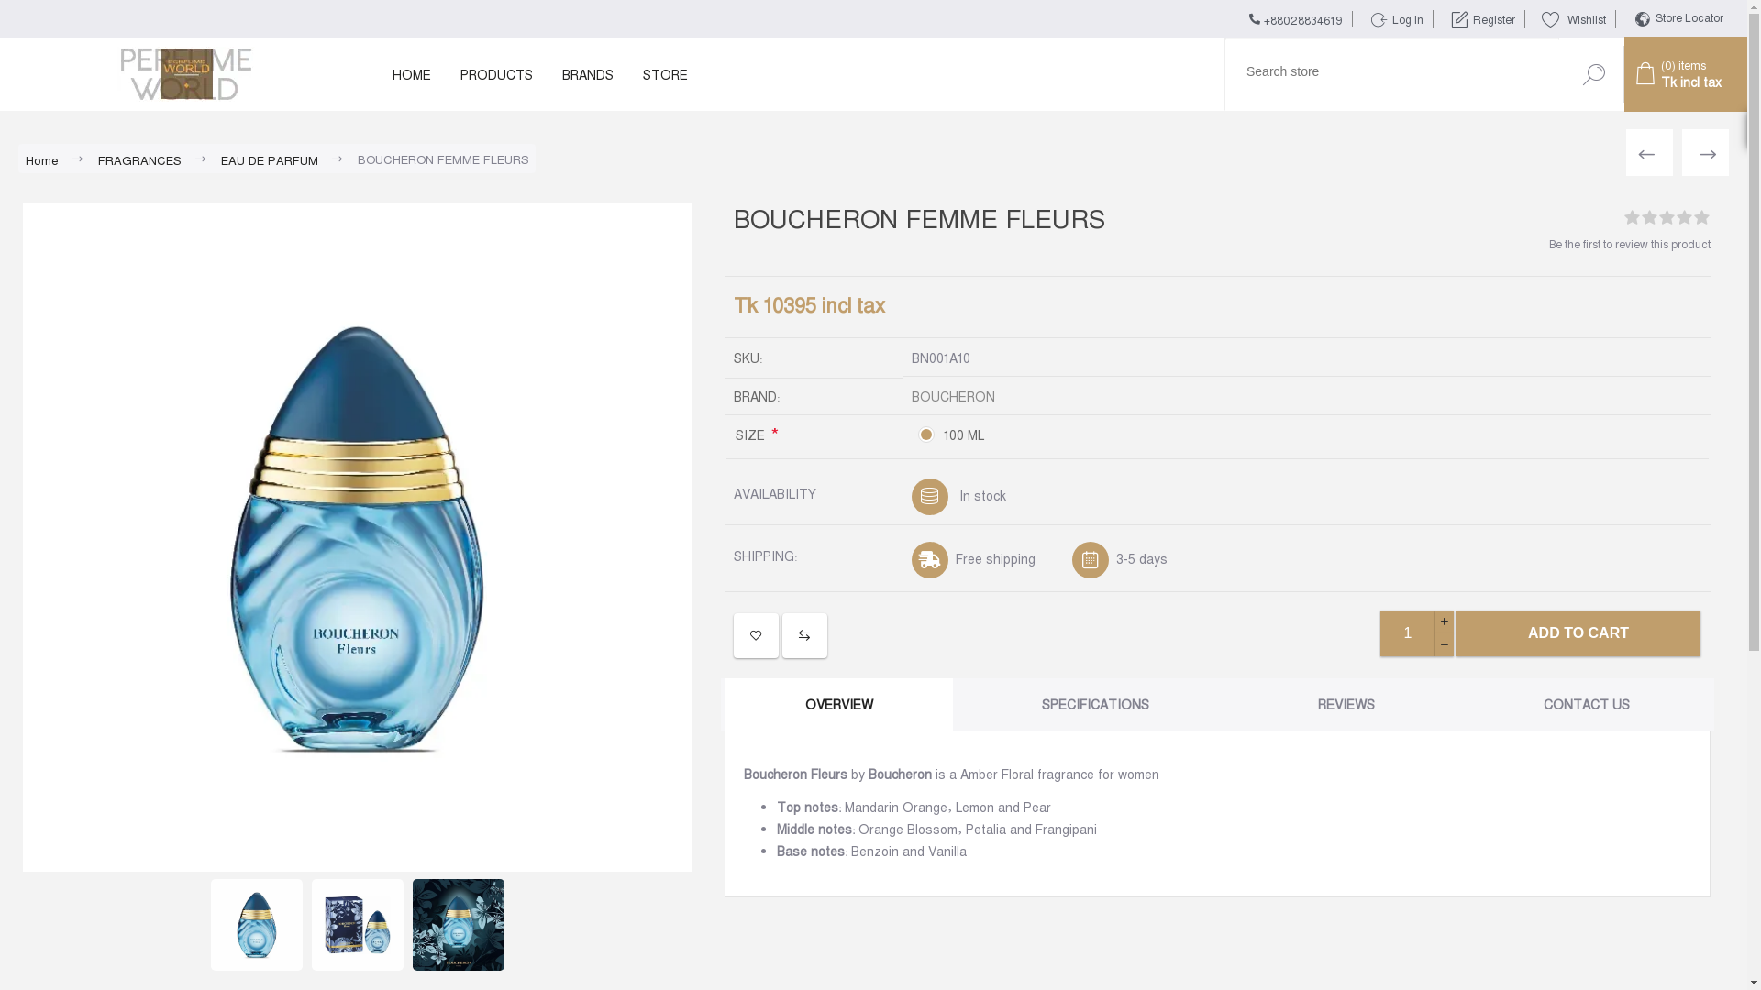 The height and width of the screenshot is (990, 1761). I want to click on 'SPECIFICATIONS', so click(1095, 703).